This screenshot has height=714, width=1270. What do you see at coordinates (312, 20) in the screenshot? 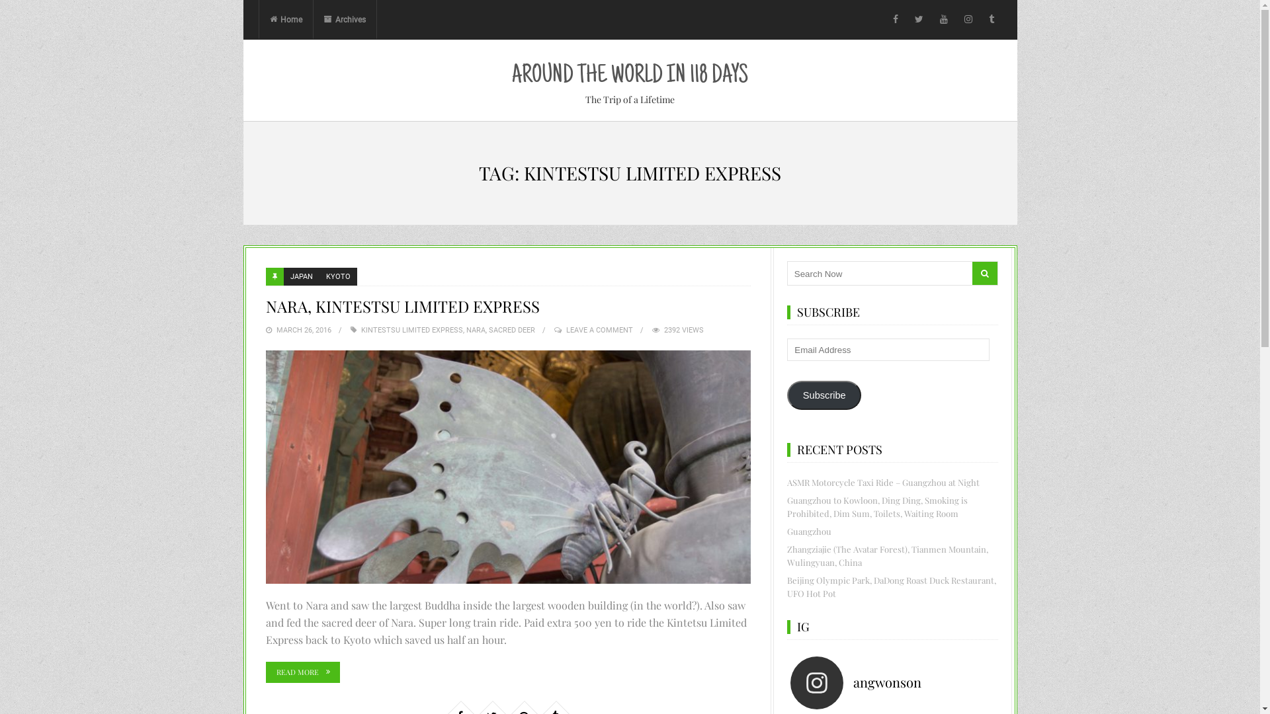
I see `'Archives'` at bounding box center [312, 20].